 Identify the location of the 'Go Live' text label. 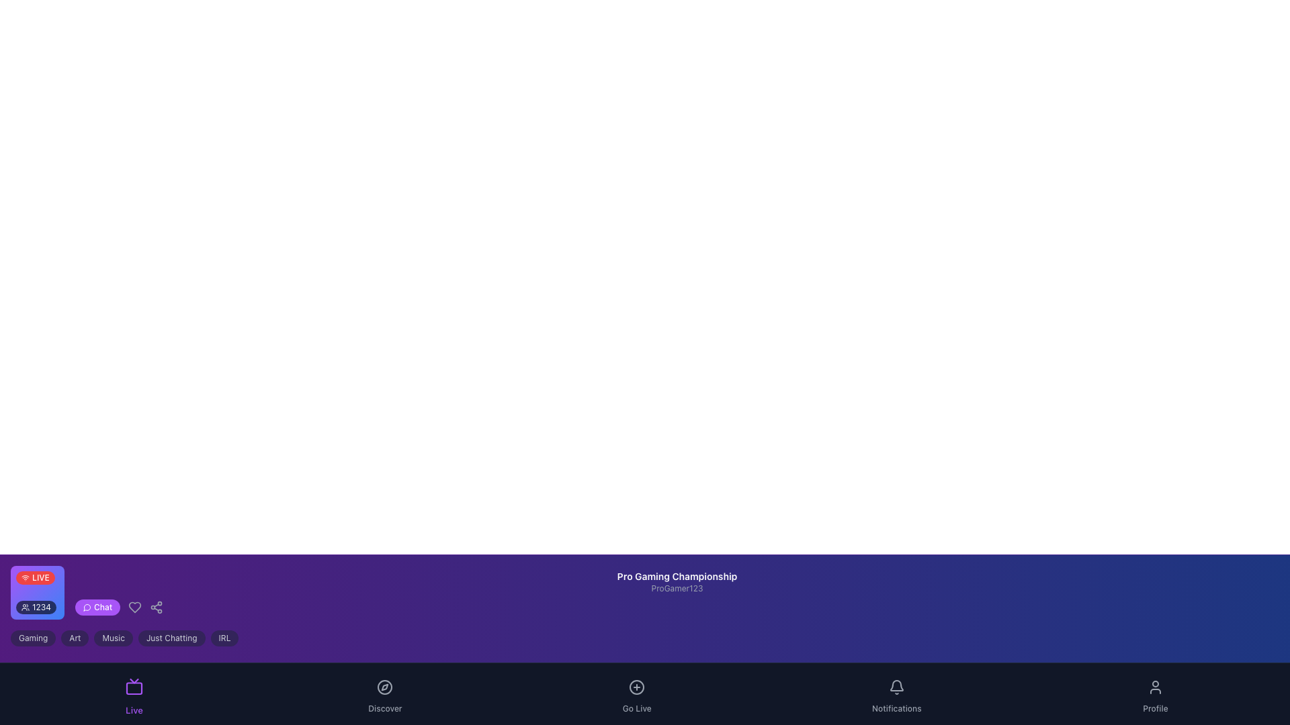
(636, 708).